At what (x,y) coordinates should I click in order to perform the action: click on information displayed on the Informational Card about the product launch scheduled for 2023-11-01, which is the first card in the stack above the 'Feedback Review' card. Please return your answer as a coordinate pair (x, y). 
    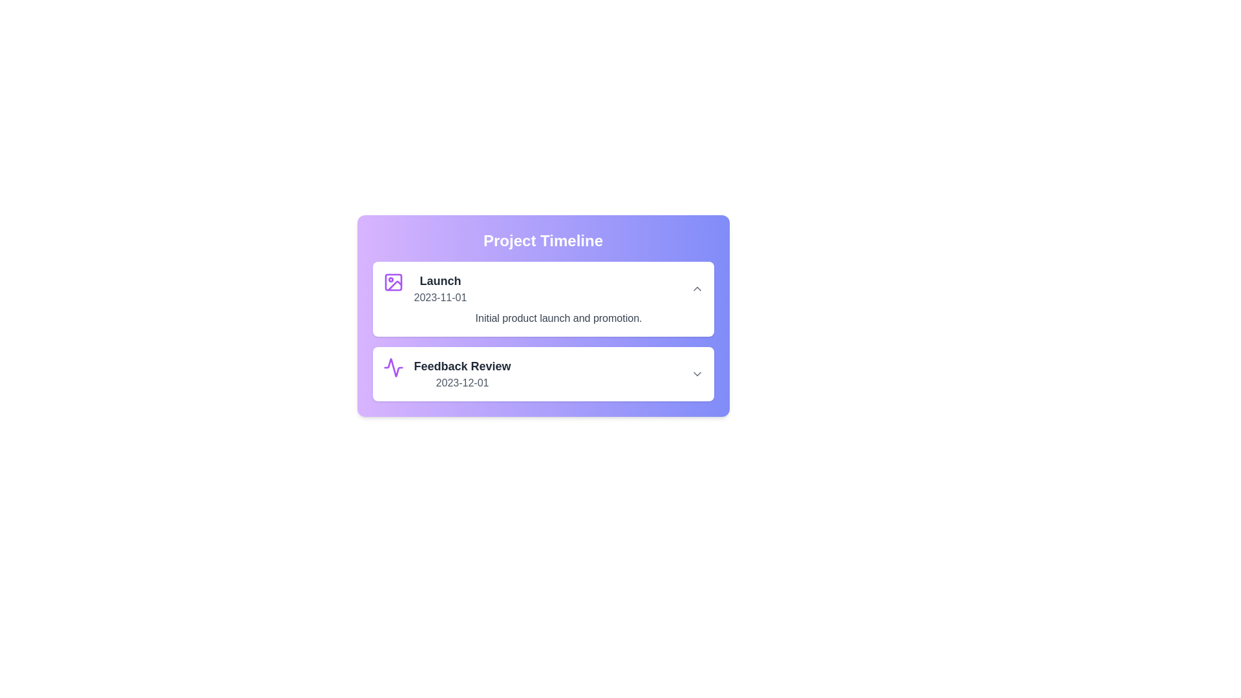
    Looking at the image, I should click on (543, 299).